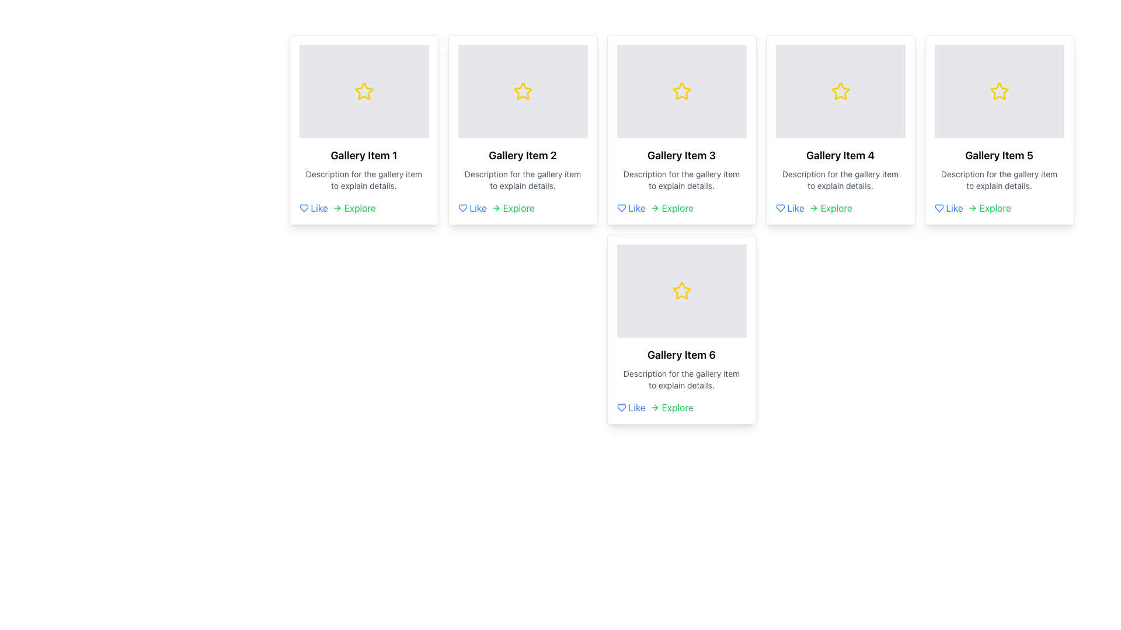 This screenshot has height=630, width=1121. I want to click on the visual indicator icon located in the upper right corner of the fifth gallery card, positioned at the center of the grey image placeholder, so click(998, 91).